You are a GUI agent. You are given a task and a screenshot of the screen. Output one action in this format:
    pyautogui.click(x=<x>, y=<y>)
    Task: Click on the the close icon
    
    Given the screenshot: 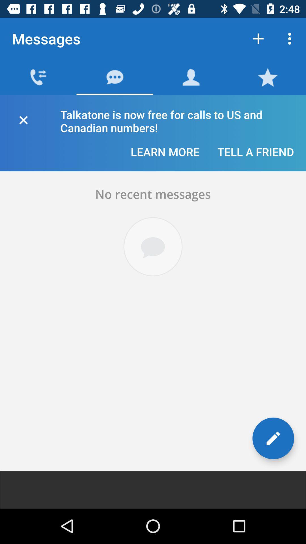 What is the action you would take?
    pyautogui.click(x=23, y=119)
    